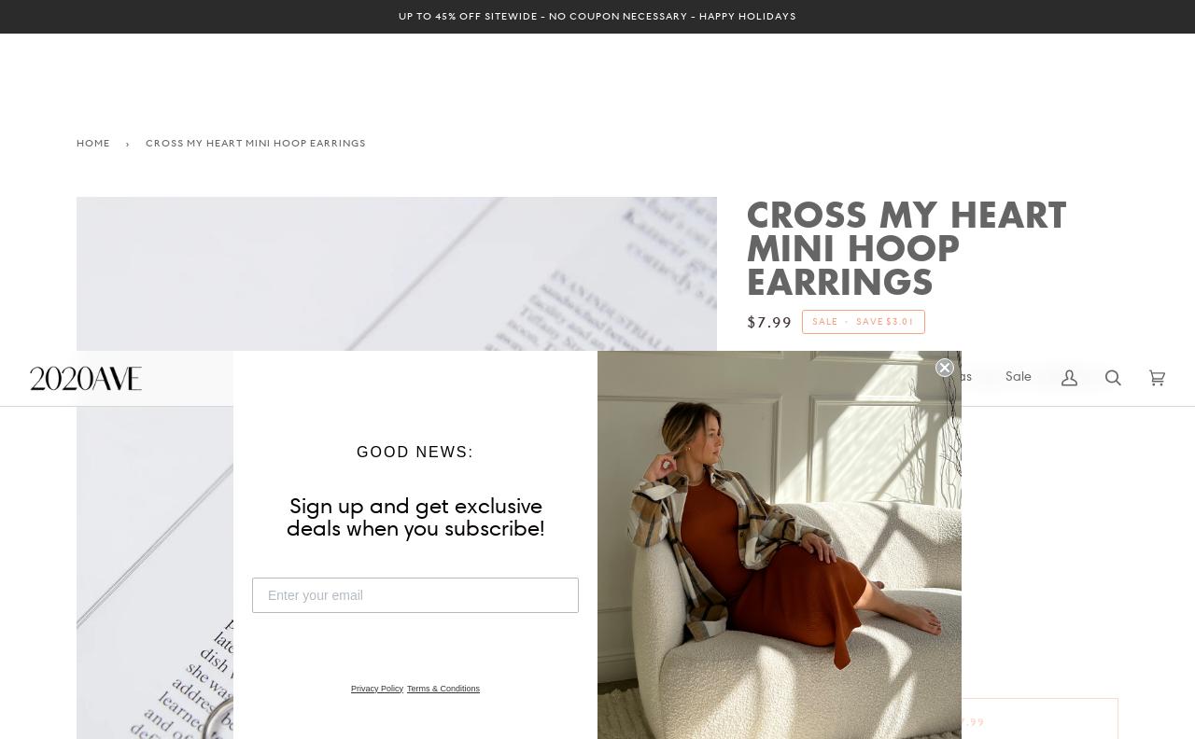 The width and height of the screenshot is (1195, 739). What do you see at coordinates (908, 369) in the screenshot?
I see `'Sold Out'` at bounding box center [908, 369].